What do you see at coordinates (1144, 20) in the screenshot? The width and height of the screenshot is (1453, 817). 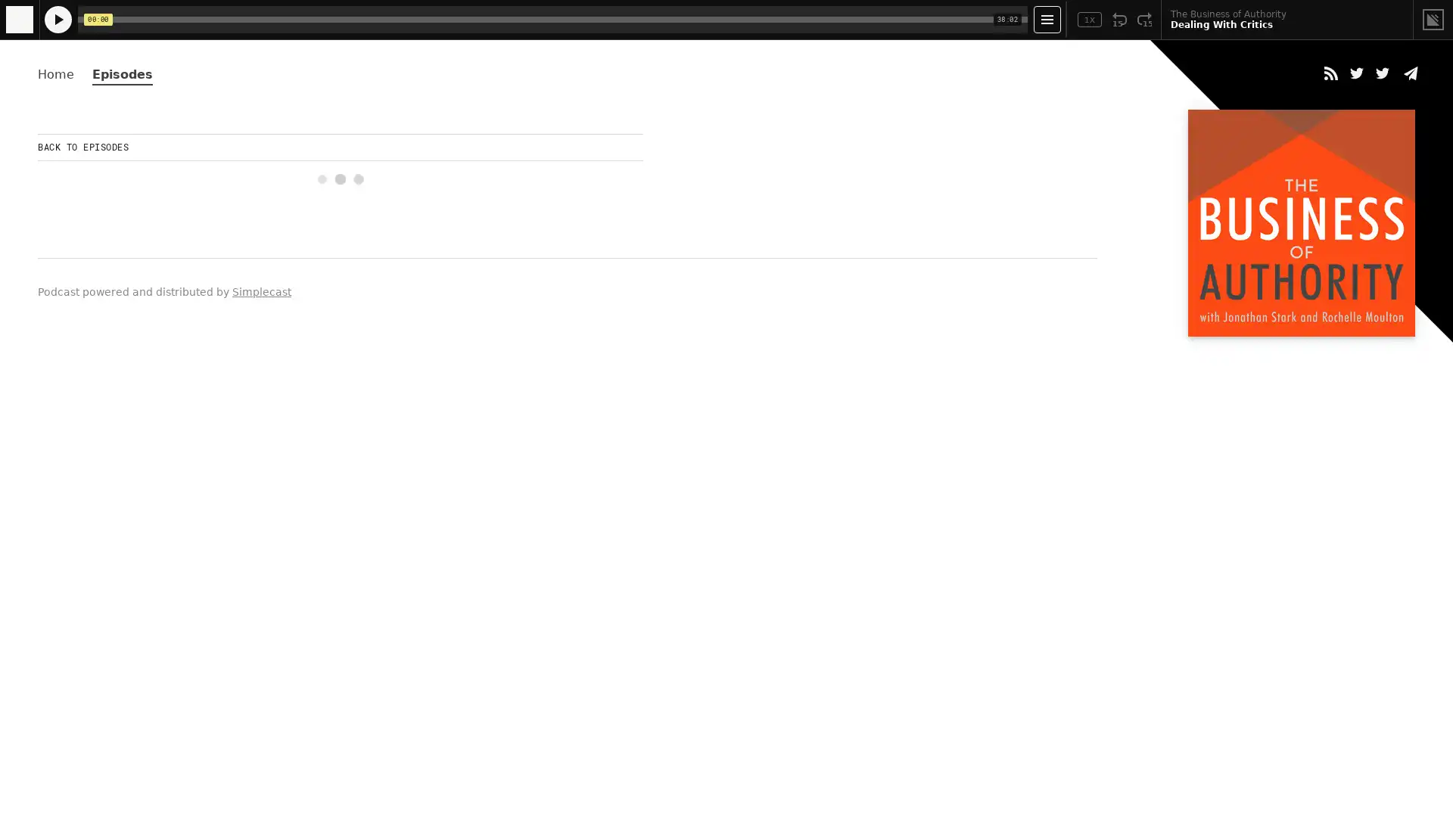 I see `Fast Forward 15 Seconds` at bounding box center [1144, 20].